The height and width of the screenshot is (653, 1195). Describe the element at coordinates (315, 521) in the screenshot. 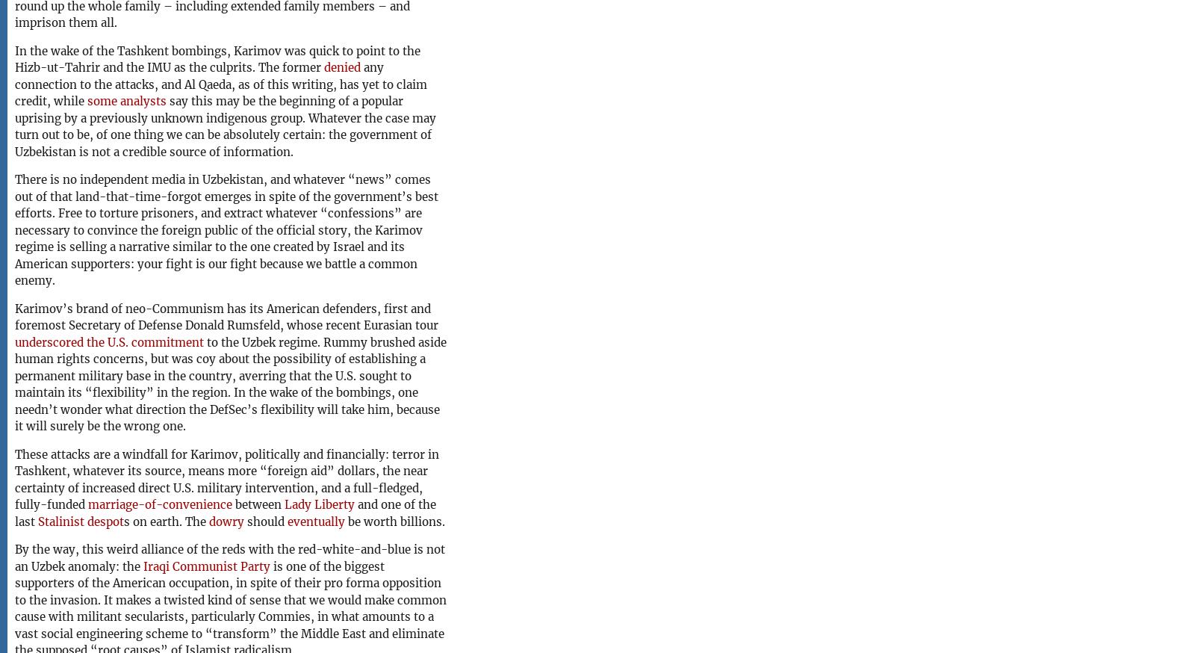

I see `'eventually'` at that location.